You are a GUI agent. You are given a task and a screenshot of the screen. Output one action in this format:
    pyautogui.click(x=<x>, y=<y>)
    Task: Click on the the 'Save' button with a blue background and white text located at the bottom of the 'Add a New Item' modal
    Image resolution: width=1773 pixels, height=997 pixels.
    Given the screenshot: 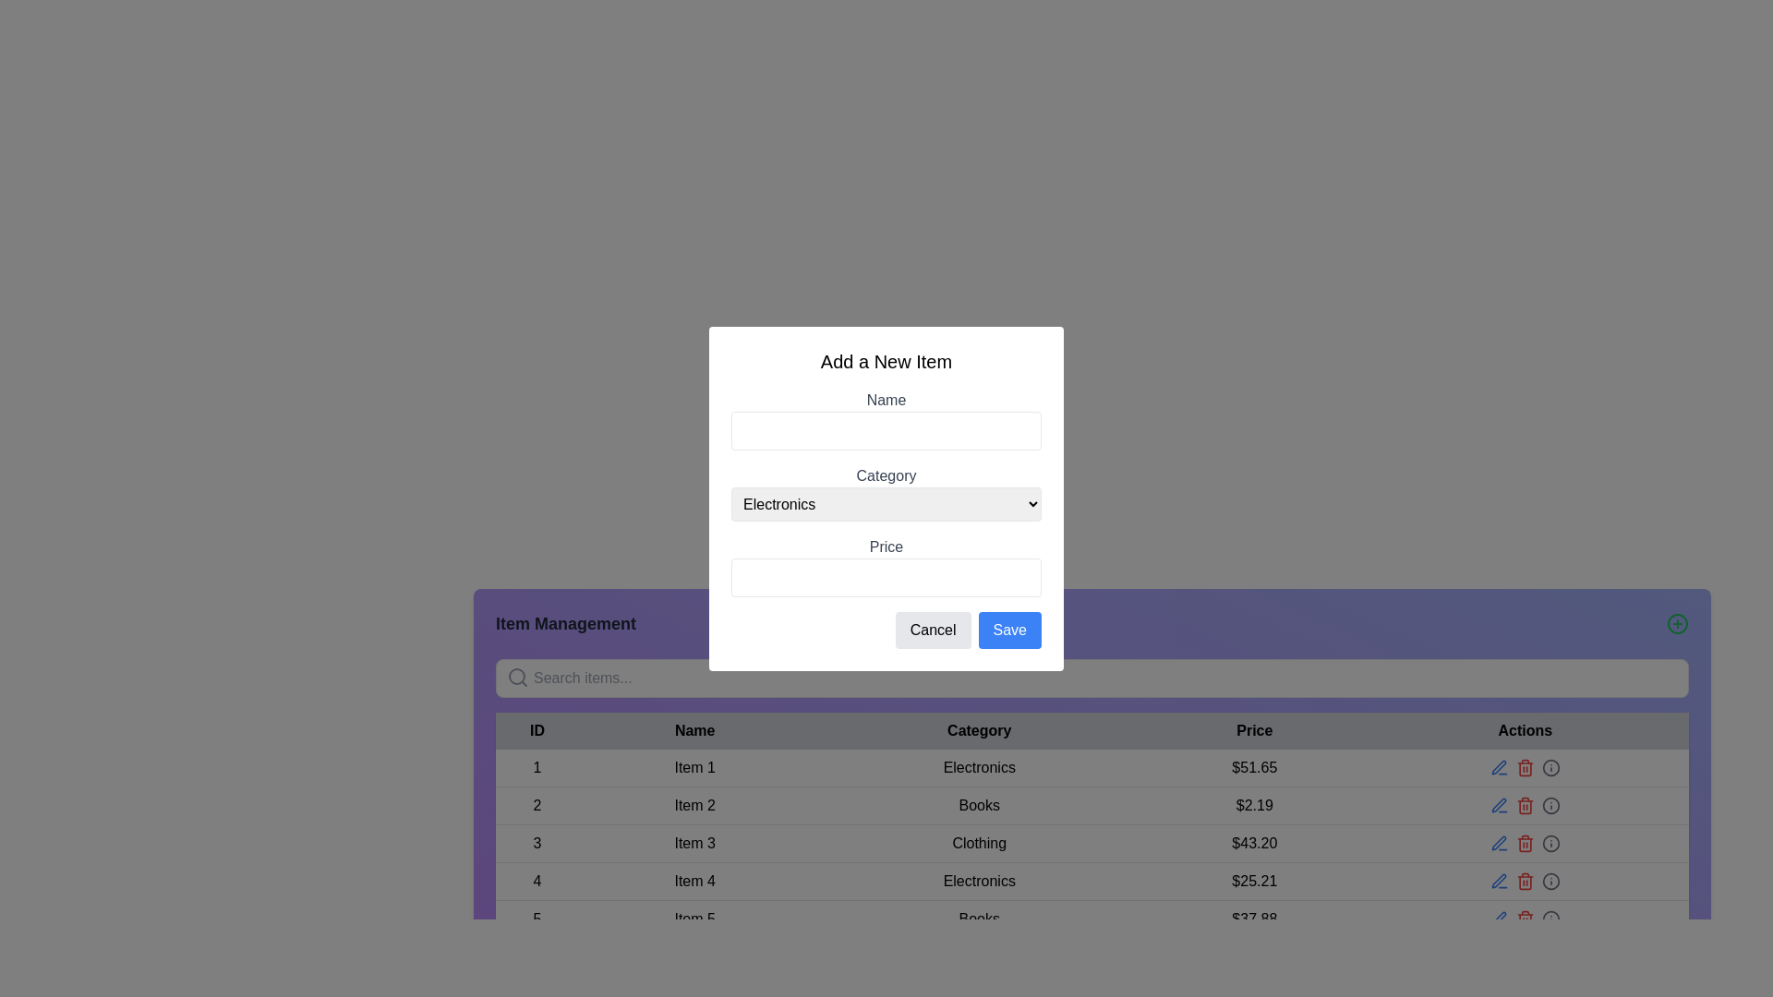 What is the action you would take?
    pyautogui.click(x=1008, y=629)
    